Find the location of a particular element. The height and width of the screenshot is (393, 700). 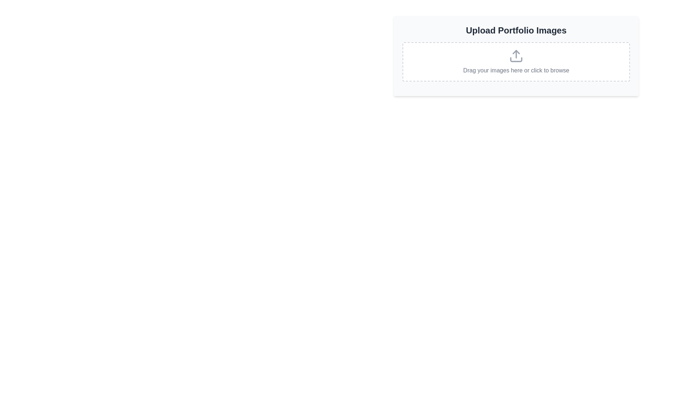

the horizontal bar with rounded ends that is part of the upload symbol icon, which serves as the base for the upward arrow, located in the center-top region of the interface is located at coordinates (516, 59).